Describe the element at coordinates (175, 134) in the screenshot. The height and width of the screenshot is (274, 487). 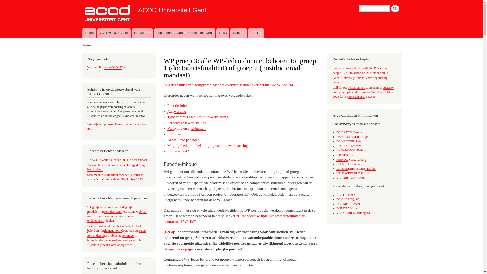
I see `'Loopbaan'` at that location.